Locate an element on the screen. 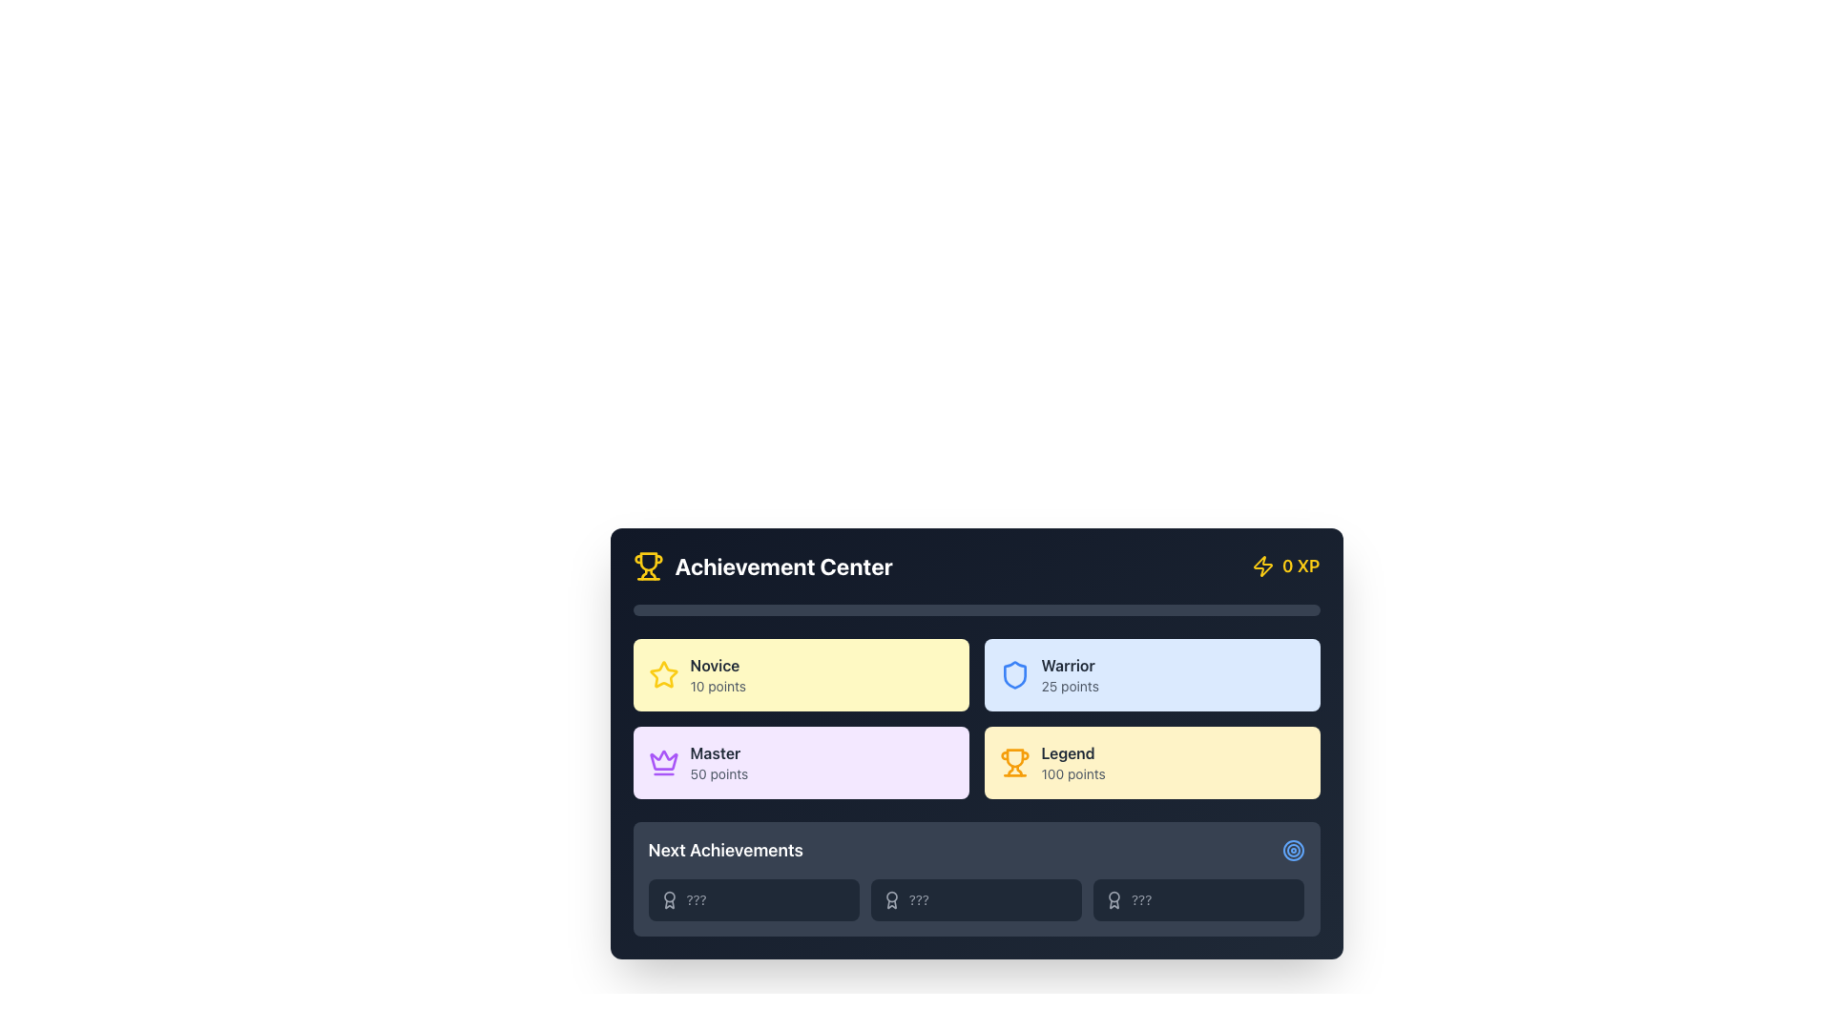  the informational display component titled 'Legend' with a score of '100 points', located in the bottom-right cell of the achievement center grid layout is located at coordinates (1073, 761).